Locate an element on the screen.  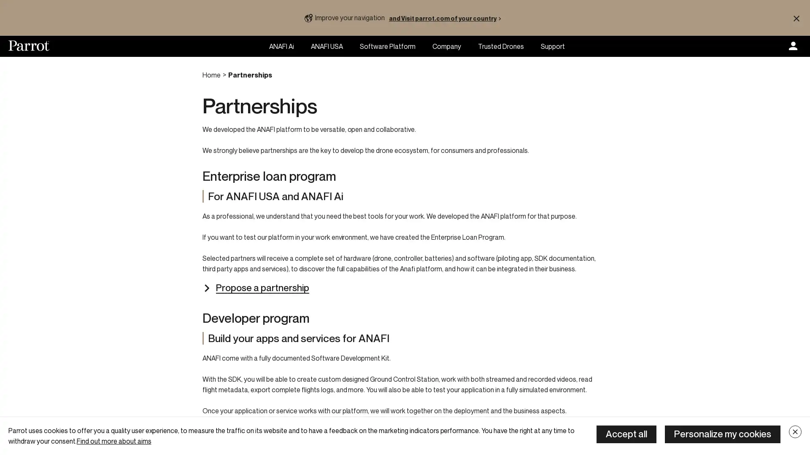
and Visit parrot.com of your country go to my shop is located at coordinates (446, 18).